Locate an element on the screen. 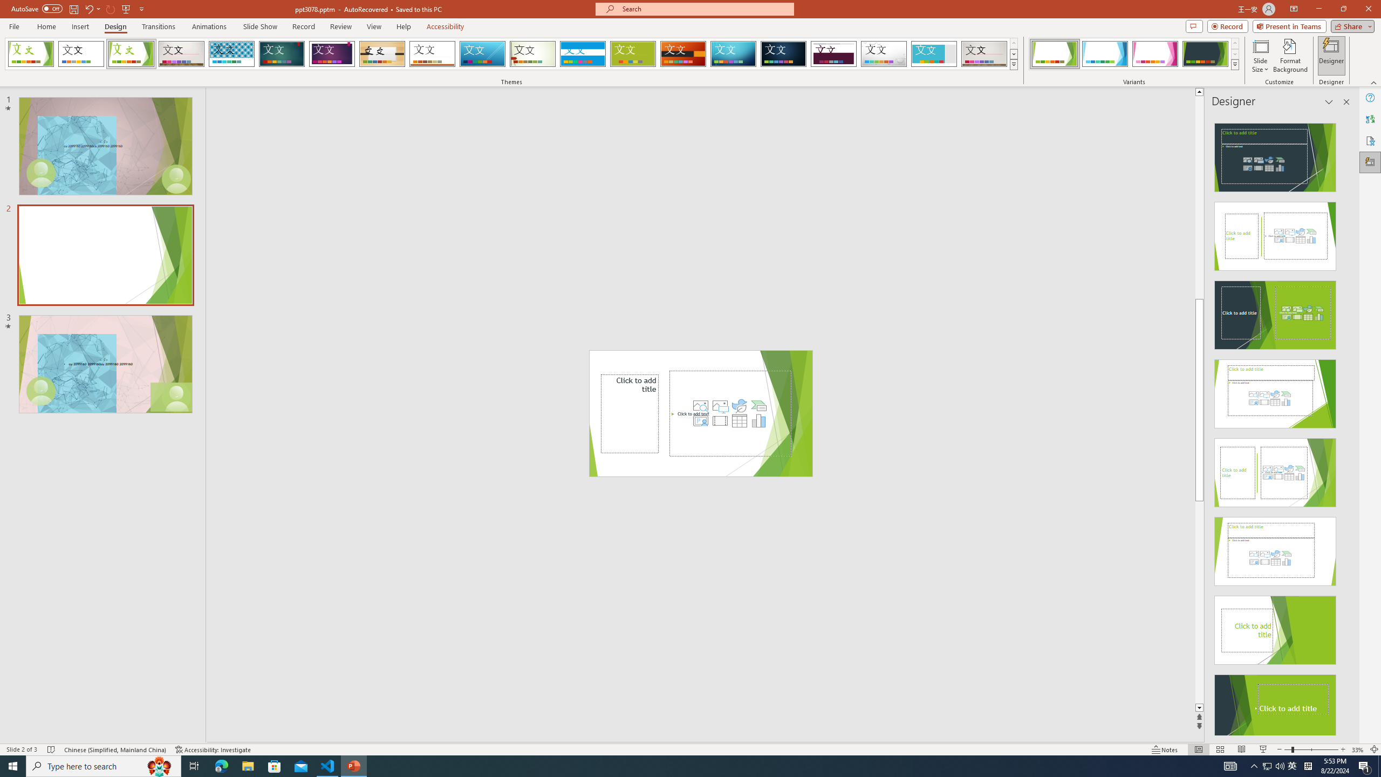 This screenshot has width=1381, height=777. 'Berlin' is located at coordinates (683, 53).